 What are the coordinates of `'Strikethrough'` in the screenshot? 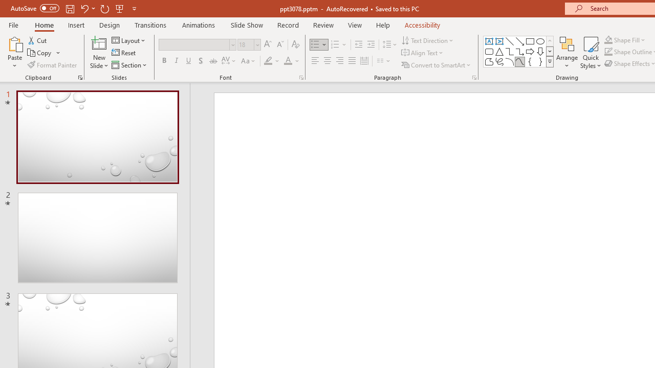 It's located at (212, 61).